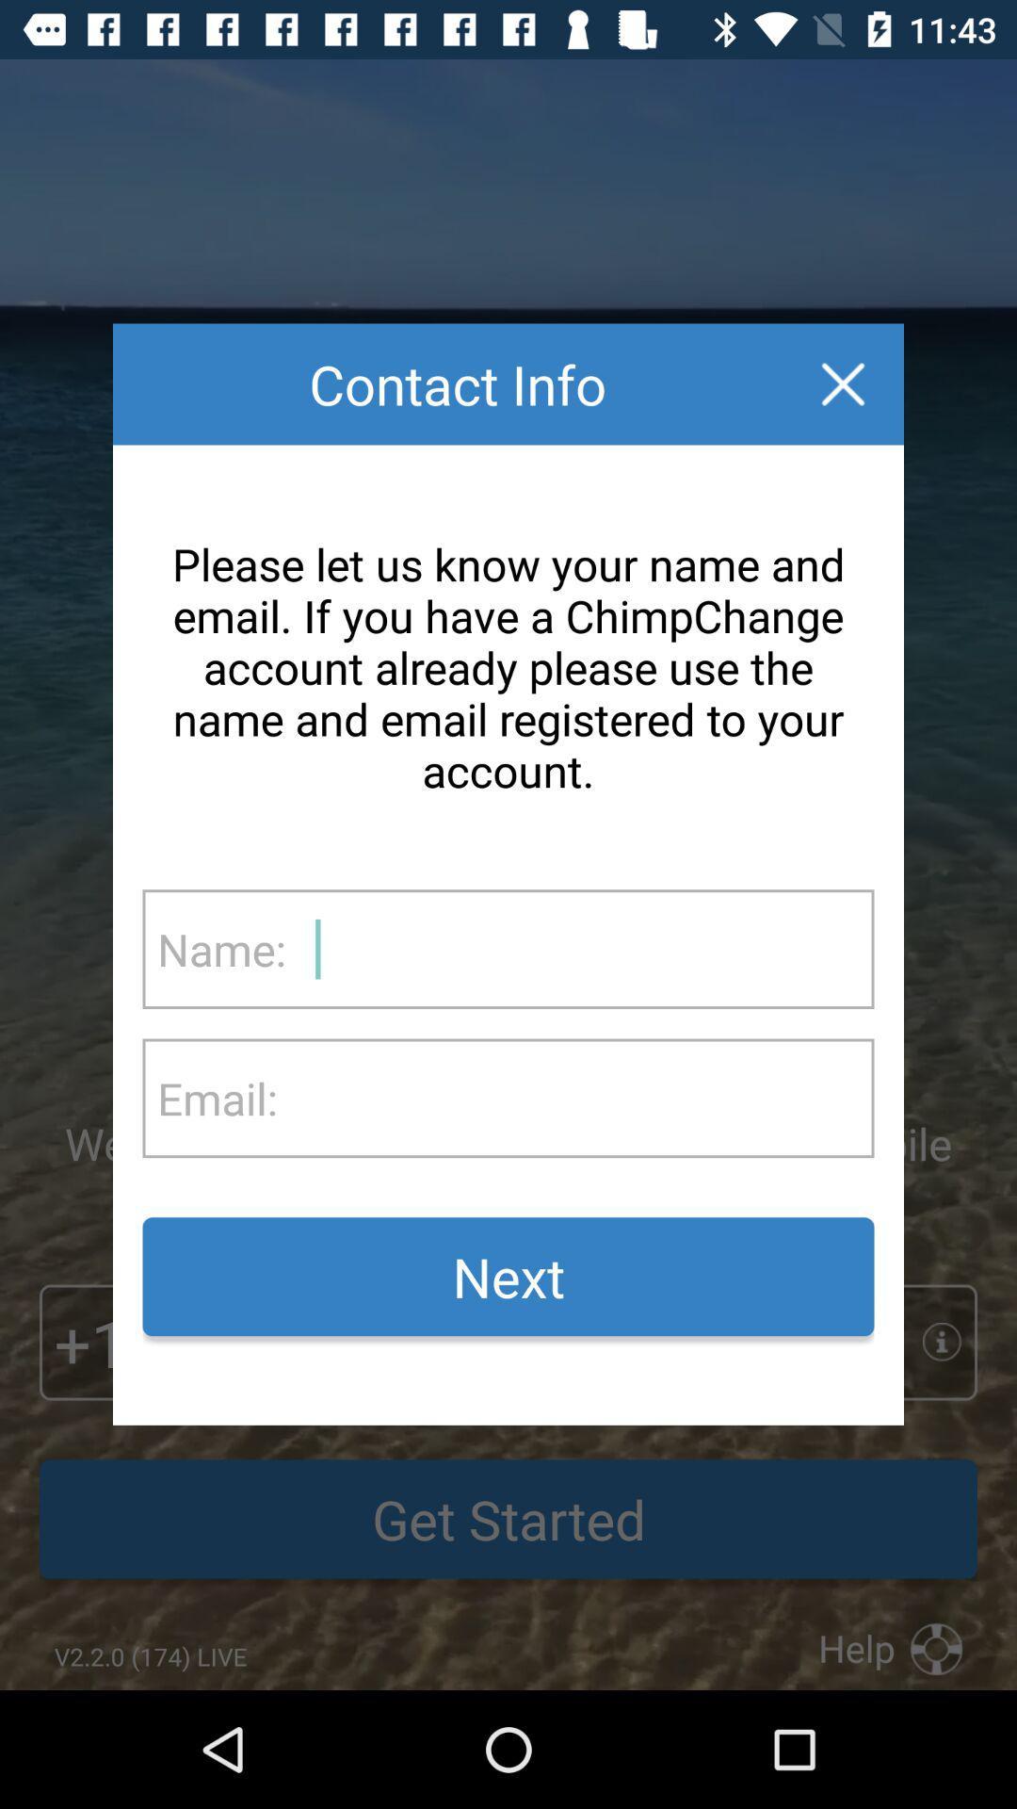  What do you see at coordinates (574, 1098) in the screenshot?
I see `your email address` at bounding box center [574, 1098].